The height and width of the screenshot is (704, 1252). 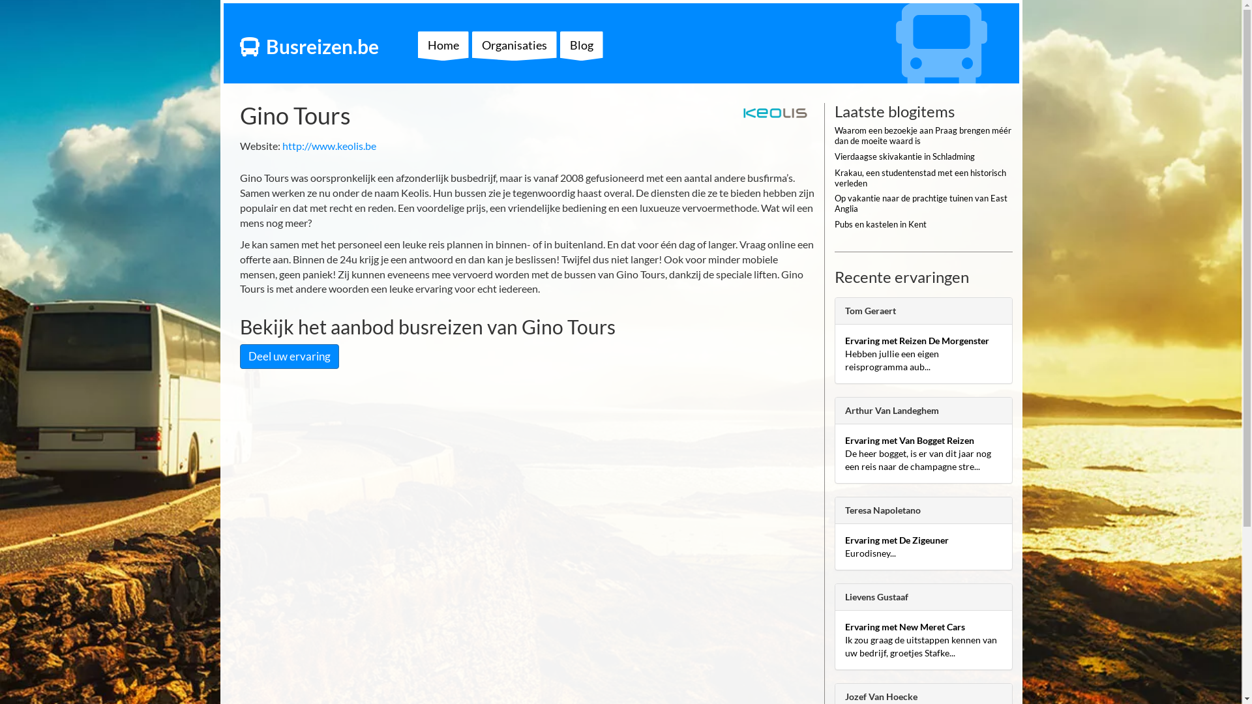 What do you see at coordinates (923, 181) in the screenshot?
I see `'Krakau, een studentenstad met een historisch verleden'` at bounding box center [923, 181].